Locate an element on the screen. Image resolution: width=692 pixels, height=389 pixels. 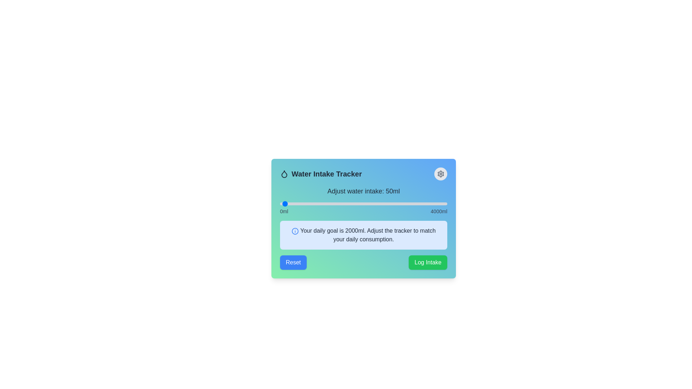
the text label displaying 'Adjust water intake: 50ml', located at the center of the top section of the interface, above the slider element is located at coordinates (363, 191).